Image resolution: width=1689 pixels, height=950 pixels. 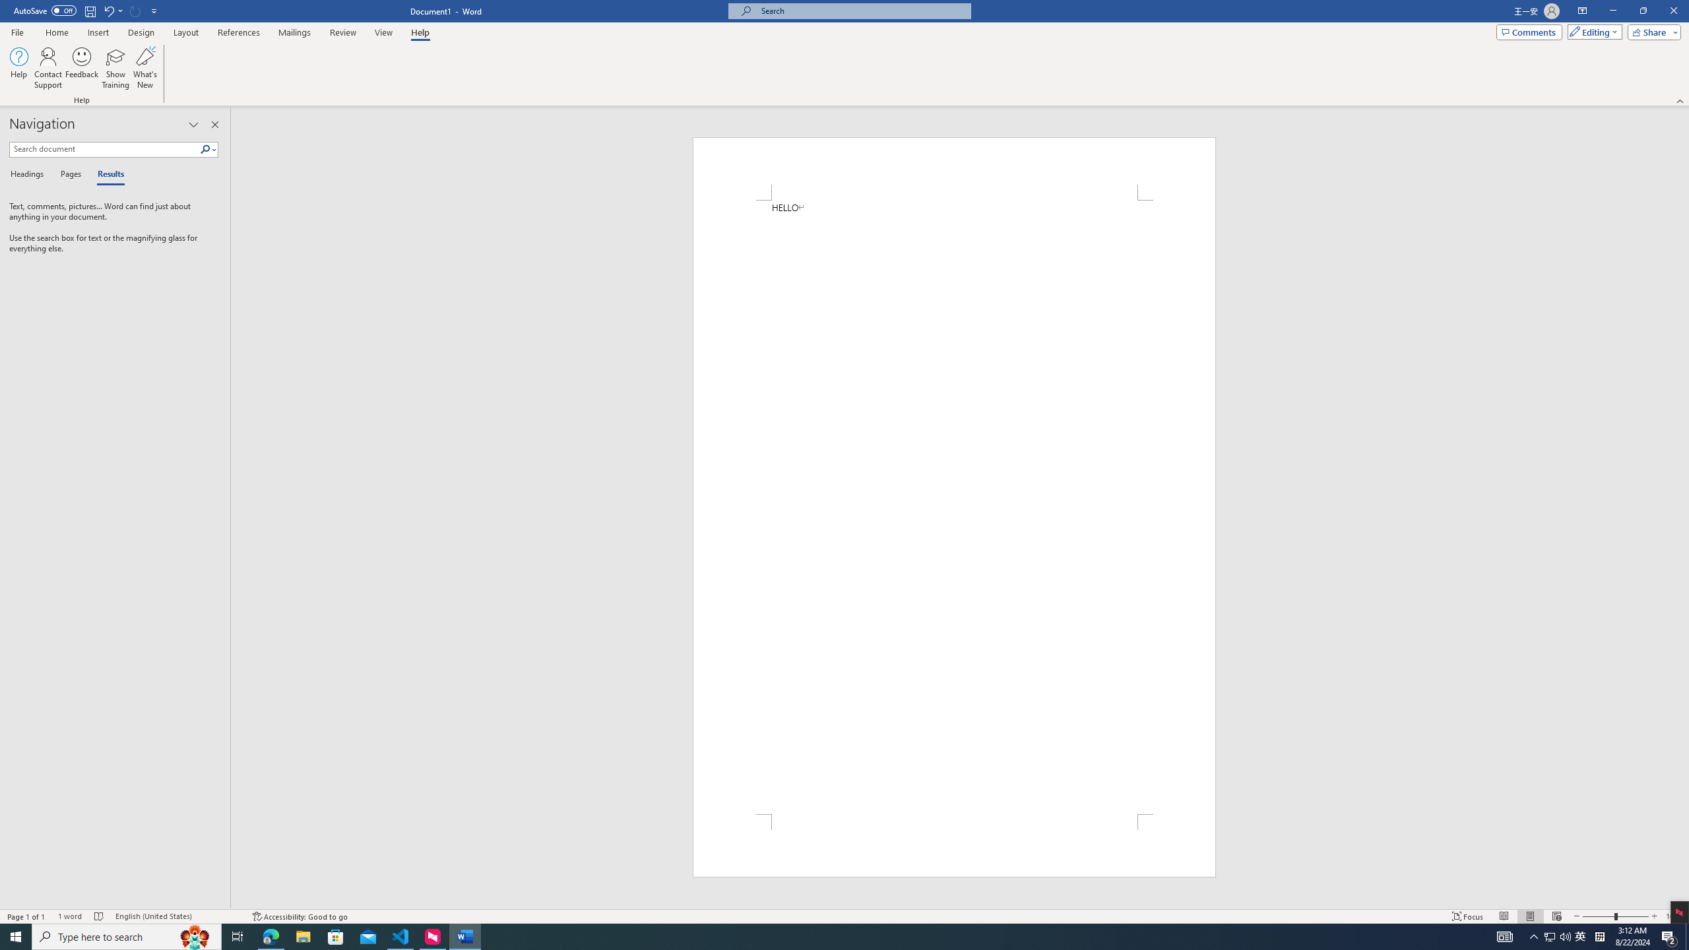 I want to click on 'Accessibility Checker Accessibility: Good to go', so click(x=299, y=916).